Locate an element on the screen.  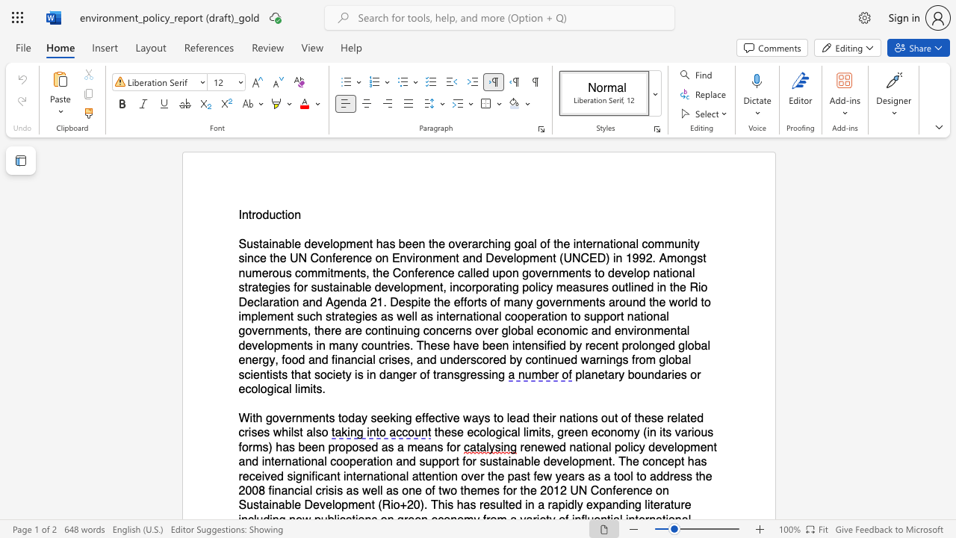
the subset text "seekin" within the text "With governments today seeking effective ways to lead their nations out of these related crises whilst also" is located at coordinates (370, 418).